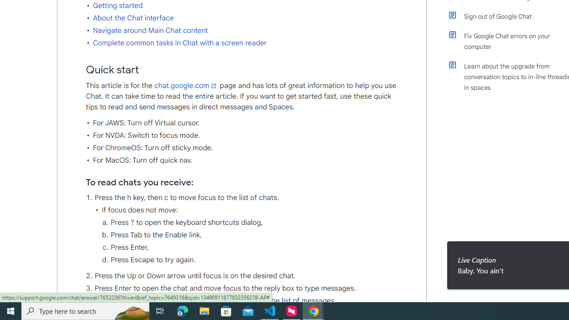 The image size is (569, 320). What do you see at coordinates (150, 30) in the screenshot?
I see `'Navigate around Main Chat content'` at bounding box center [150, 30].